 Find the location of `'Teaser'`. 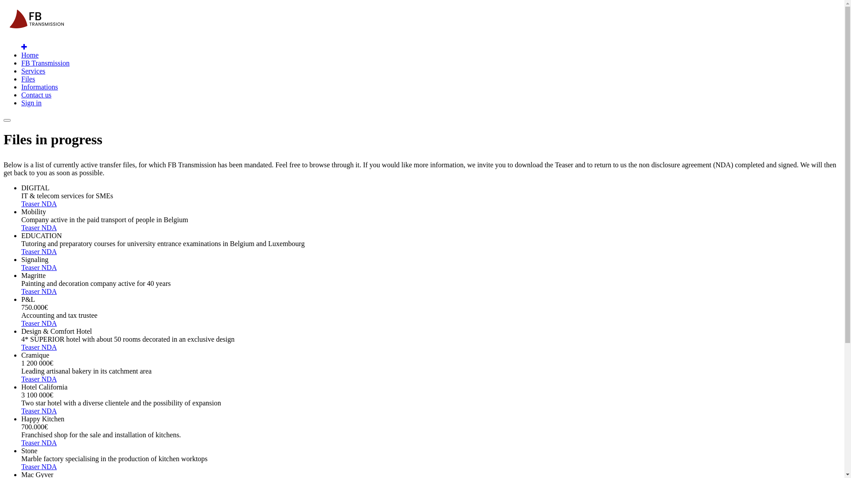

'Teaser' is located at coordinates (31, 443).